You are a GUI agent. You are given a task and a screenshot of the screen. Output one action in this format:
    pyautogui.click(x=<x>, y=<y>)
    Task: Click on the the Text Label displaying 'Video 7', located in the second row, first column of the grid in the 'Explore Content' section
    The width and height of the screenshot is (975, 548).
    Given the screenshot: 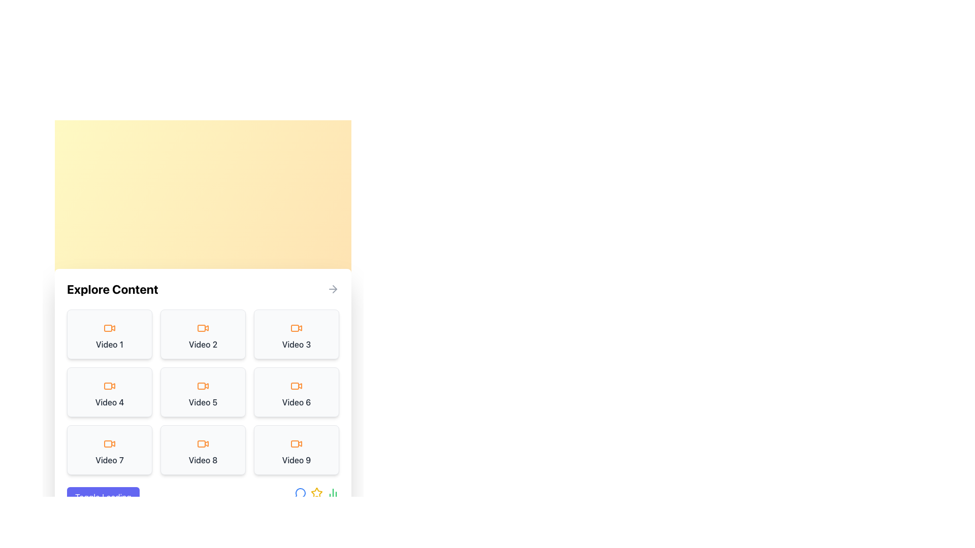 What is the action you would take?
    pyautogui.click(x=110, y=460)
    